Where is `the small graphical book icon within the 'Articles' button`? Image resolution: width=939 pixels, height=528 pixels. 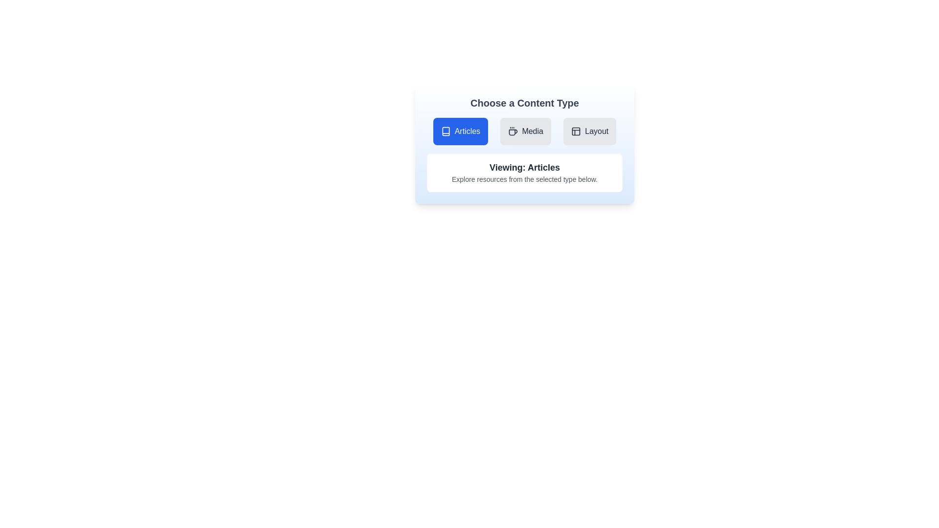
the small graphical book icon within the 'Articles' button is located at coordinates (445, 131).